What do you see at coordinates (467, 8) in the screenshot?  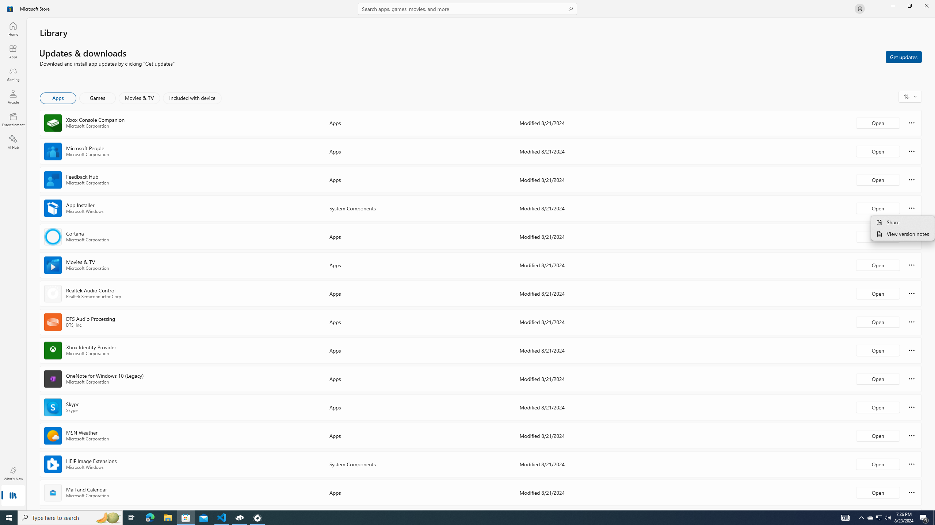 I see `'Search'` at bounding box center [467, 8].